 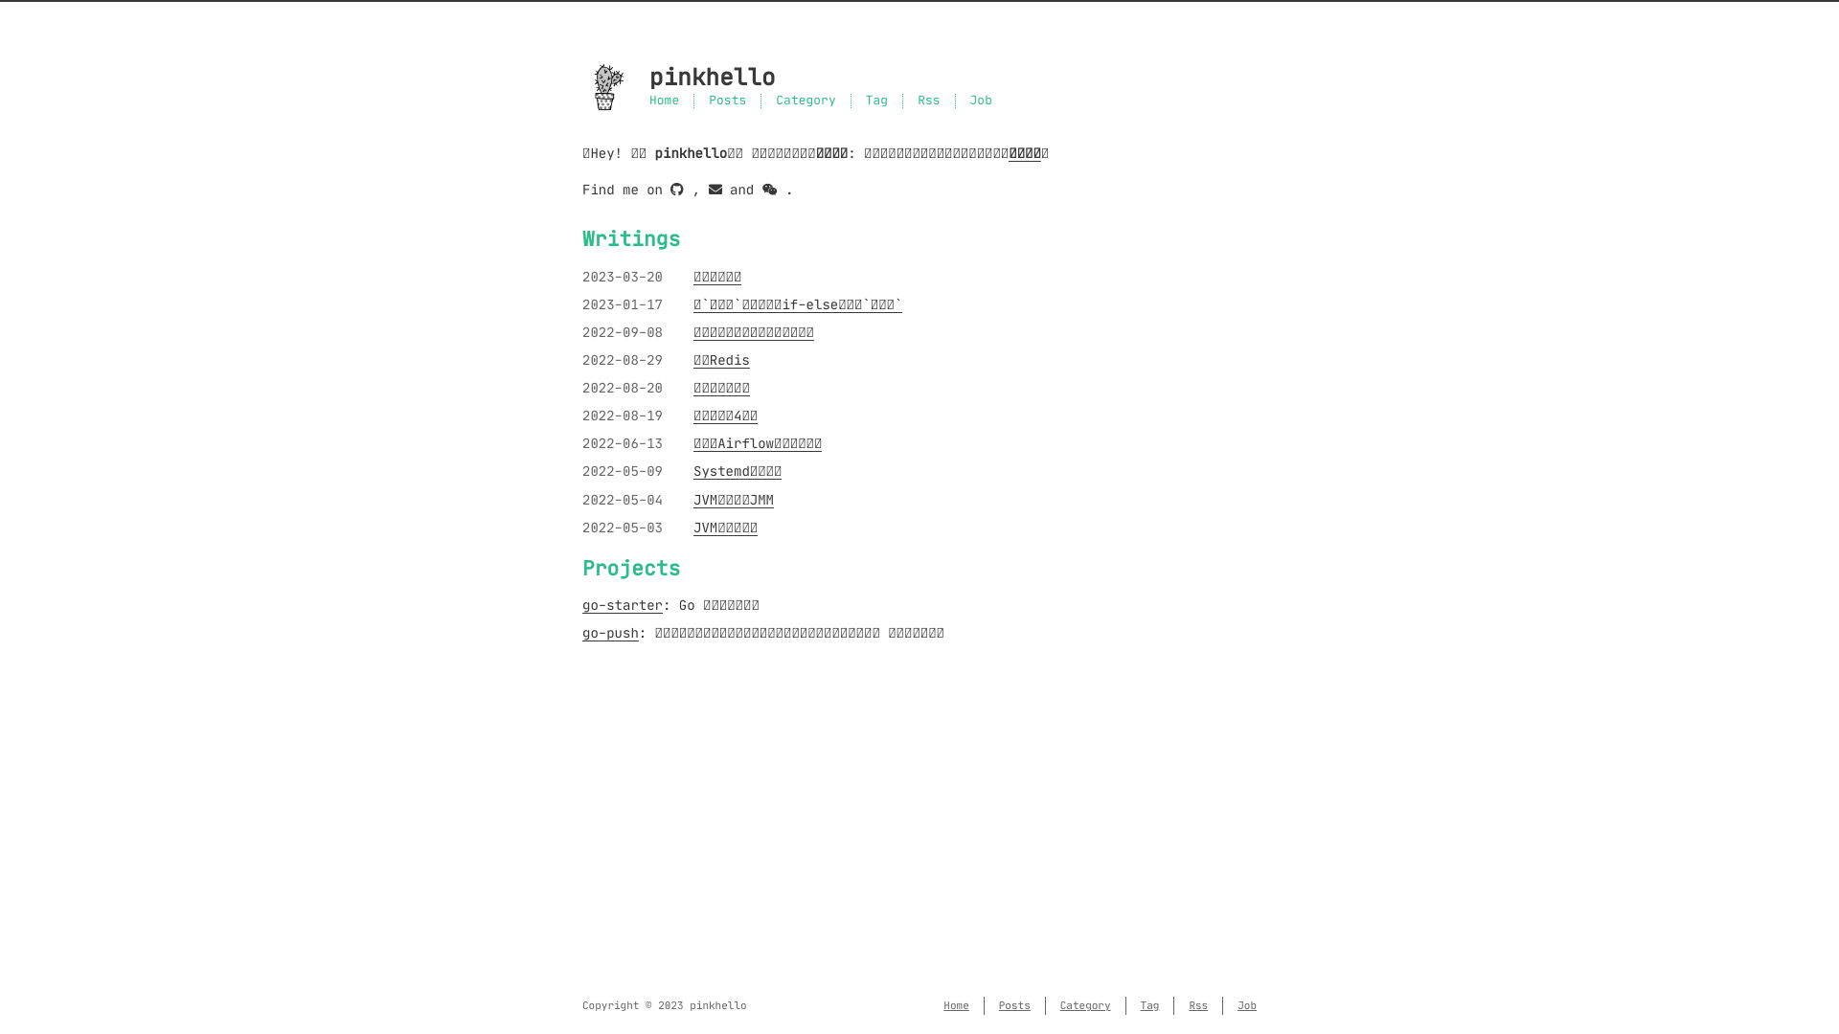 What do you see at coordinates (956, 1003) in the screenshot?
I see `'Home'` at bounding box center [956, 1003].